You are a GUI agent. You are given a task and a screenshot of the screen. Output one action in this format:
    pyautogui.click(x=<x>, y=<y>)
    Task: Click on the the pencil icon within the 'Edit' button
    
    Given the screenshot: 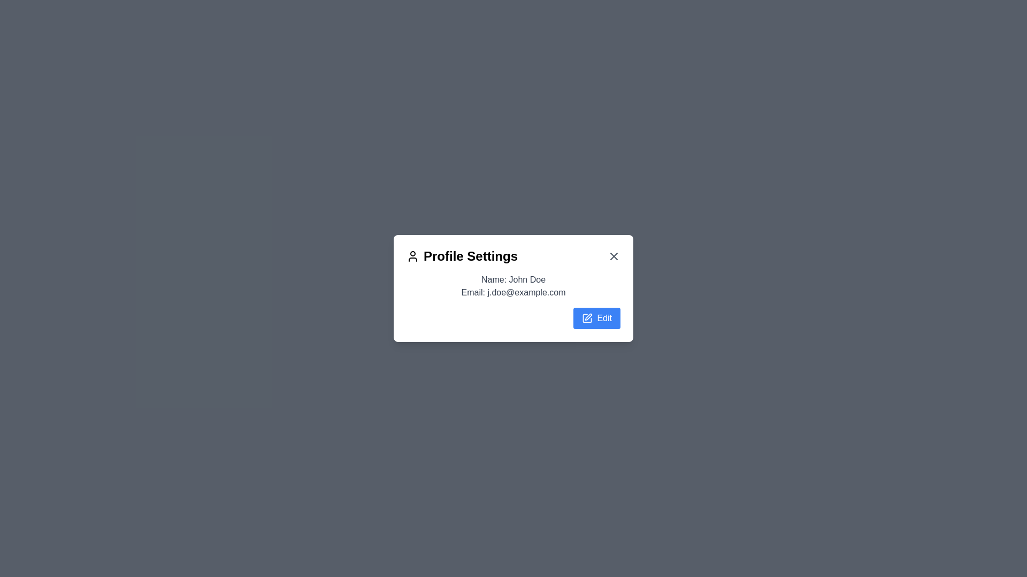 What is the action you would take?
    pyautogui.click(x=587, y=318)
    